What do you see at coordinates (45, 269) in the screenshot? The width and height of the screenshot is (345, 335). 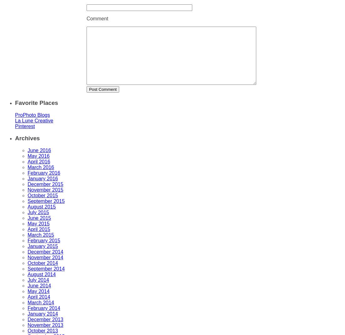 I see `'September 2014'` at bounding box center [45, 269].